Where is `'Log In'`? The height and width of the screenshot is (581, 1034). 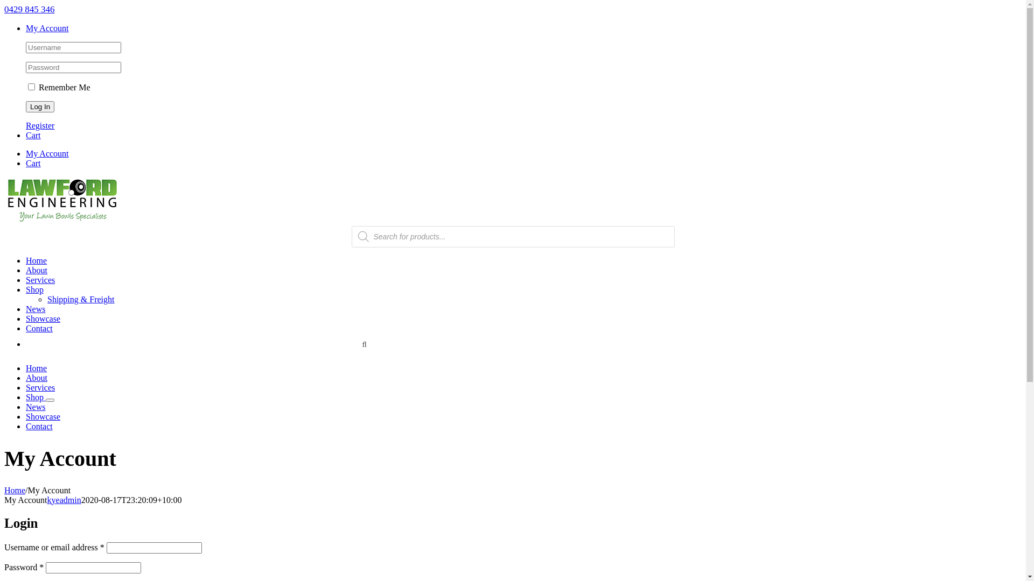
'Log In' is located at coordinates (40, 107).